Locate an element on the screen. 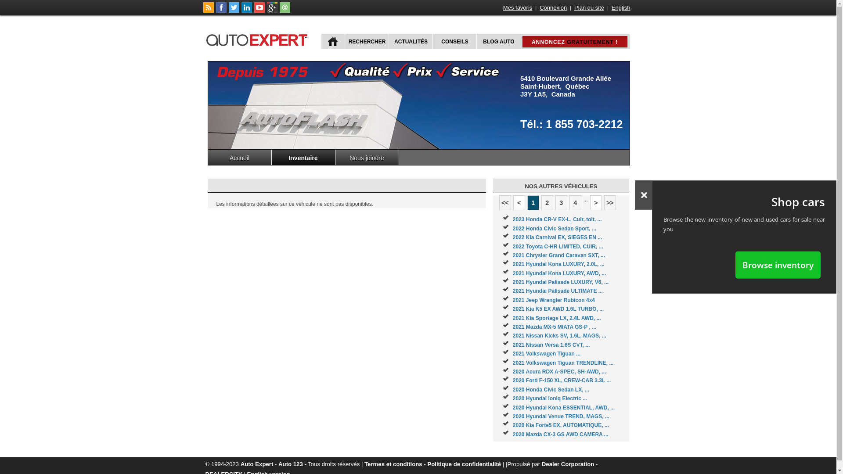 Image resolution: width=843 pixels, height=474 pixels. 'ACCUEIL' is located at coordinates (332, 41).